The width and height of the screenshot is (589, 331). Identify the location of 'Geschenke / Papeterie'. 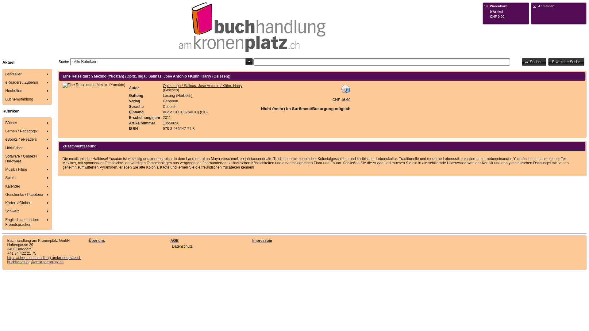
(27, 194).